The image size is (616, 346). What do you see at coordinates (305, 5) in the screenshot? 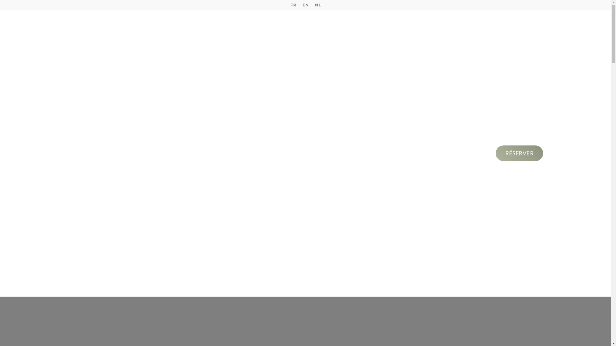
I see `'EN'` at bounding box center [305, 5].